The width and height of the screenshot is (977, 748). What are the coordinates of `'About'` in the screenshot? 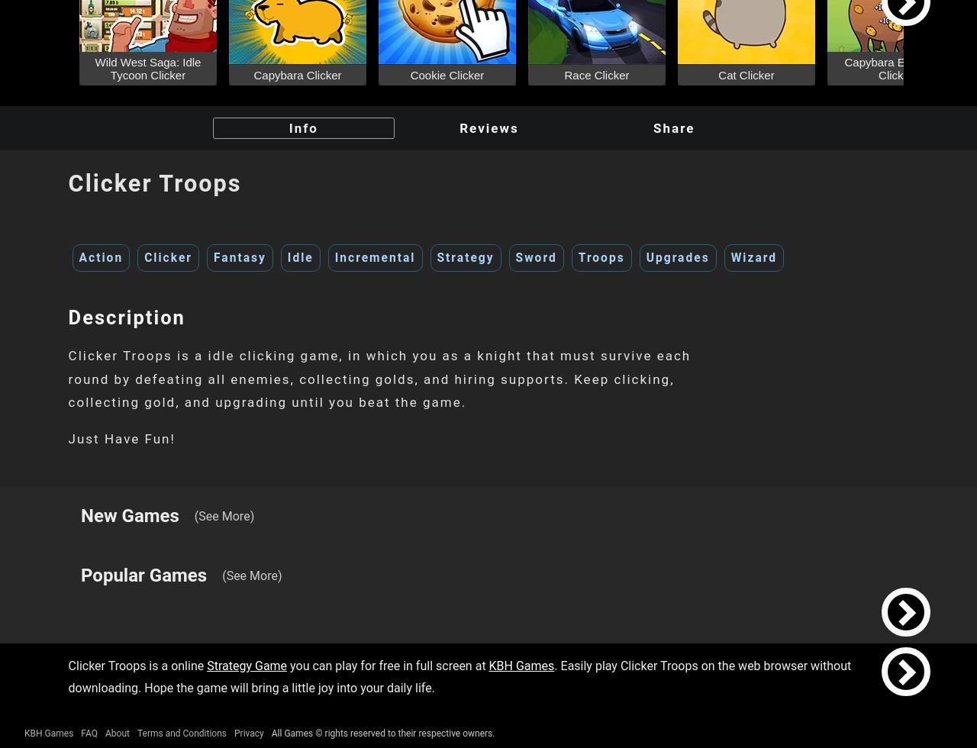 It's located at (115, 733).